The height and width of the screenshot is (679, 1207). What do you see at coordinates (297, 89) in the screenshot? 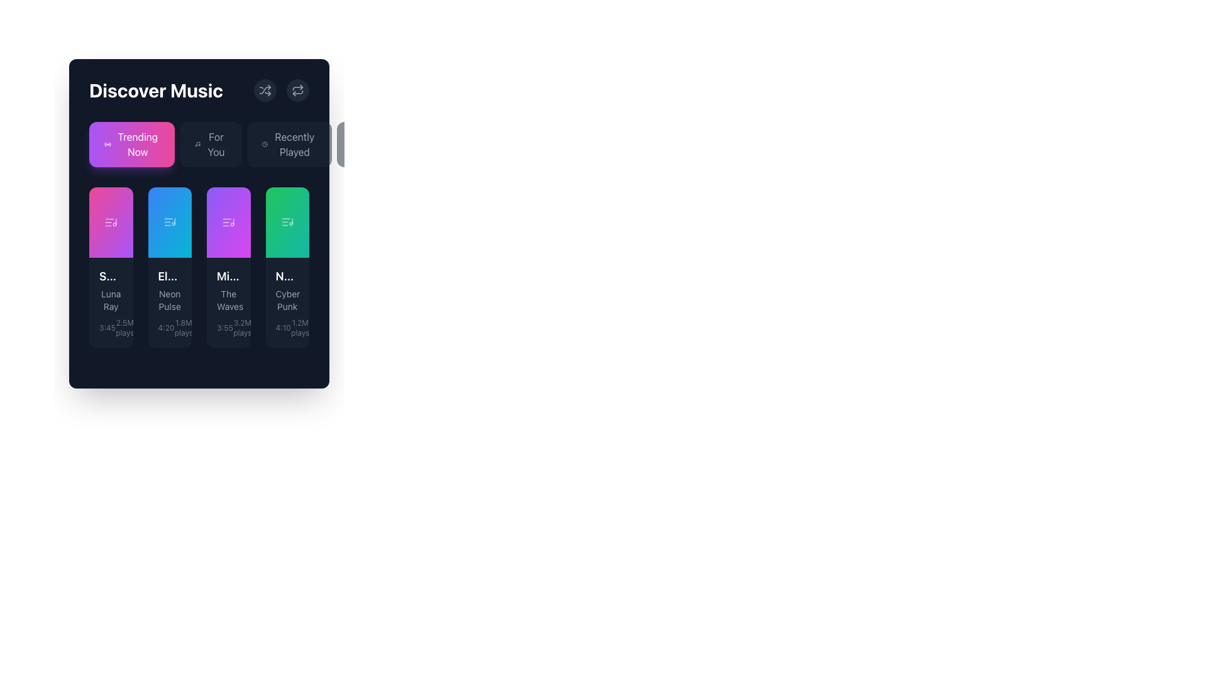
I see `the circular repeat button` at bounding box center [297, 89].